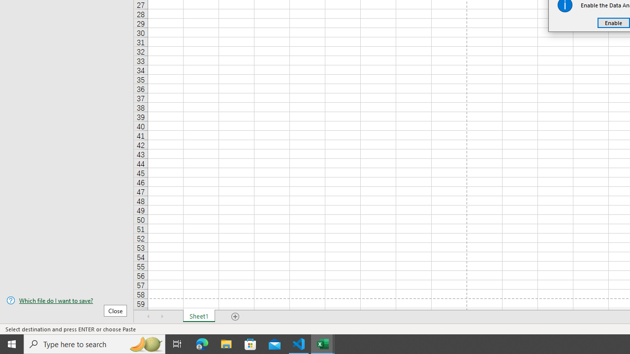 The image size is (630, 354). Describe the element at coordinates (226, 343) in the screenshot. I see `'File Explorer'` at that location.